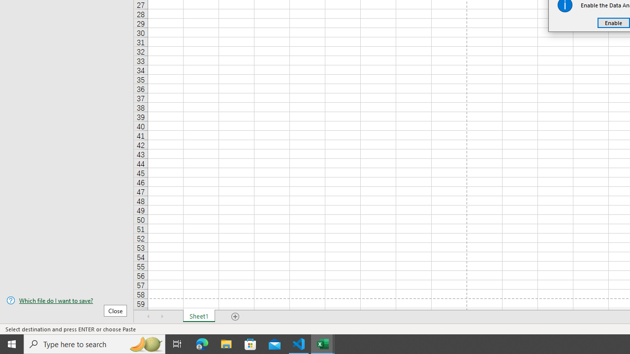 The image size is (630, 354). Describe the element at coordinates (226, 343) in the screenshot. I see `'File Explorer'` at that location.